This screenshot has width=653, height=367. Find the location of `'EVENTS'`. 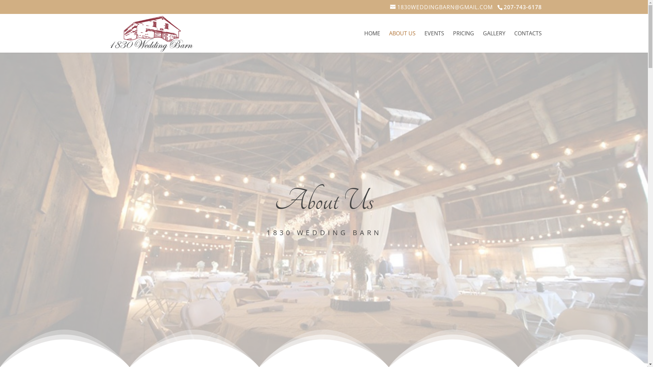

'EVENTS' is located at coordinates (434, 42).